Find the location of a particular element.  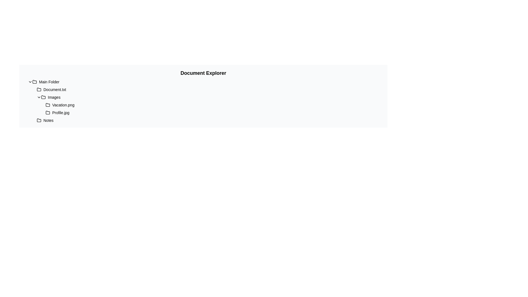

the folder icon associated with the text label 'Profile.jpg' located under the 'Images' folder in the document explorer interface is located at coordinates (48, 112).